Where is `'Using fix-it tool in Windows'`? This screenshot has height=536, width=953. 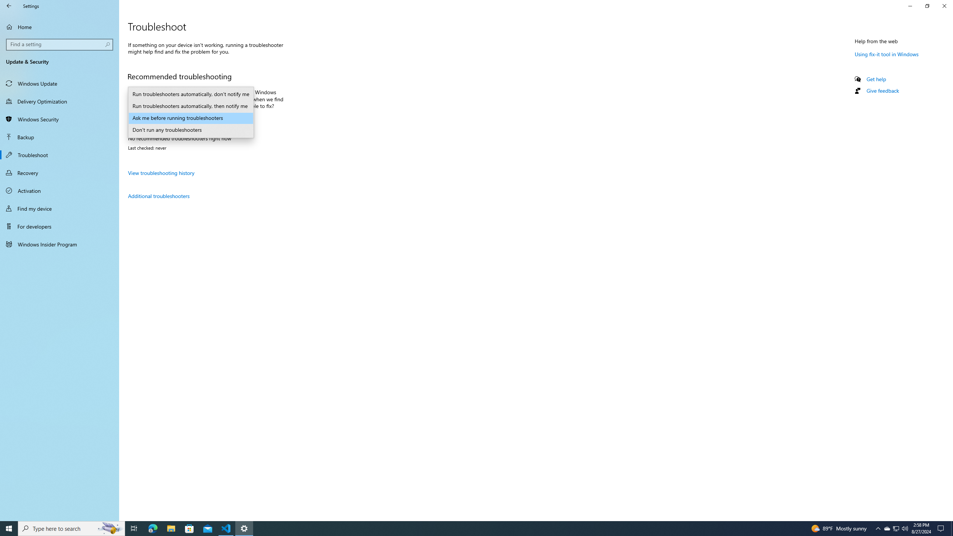 'Using fix-it tool in Windows' is located at coordinates (886, 54).